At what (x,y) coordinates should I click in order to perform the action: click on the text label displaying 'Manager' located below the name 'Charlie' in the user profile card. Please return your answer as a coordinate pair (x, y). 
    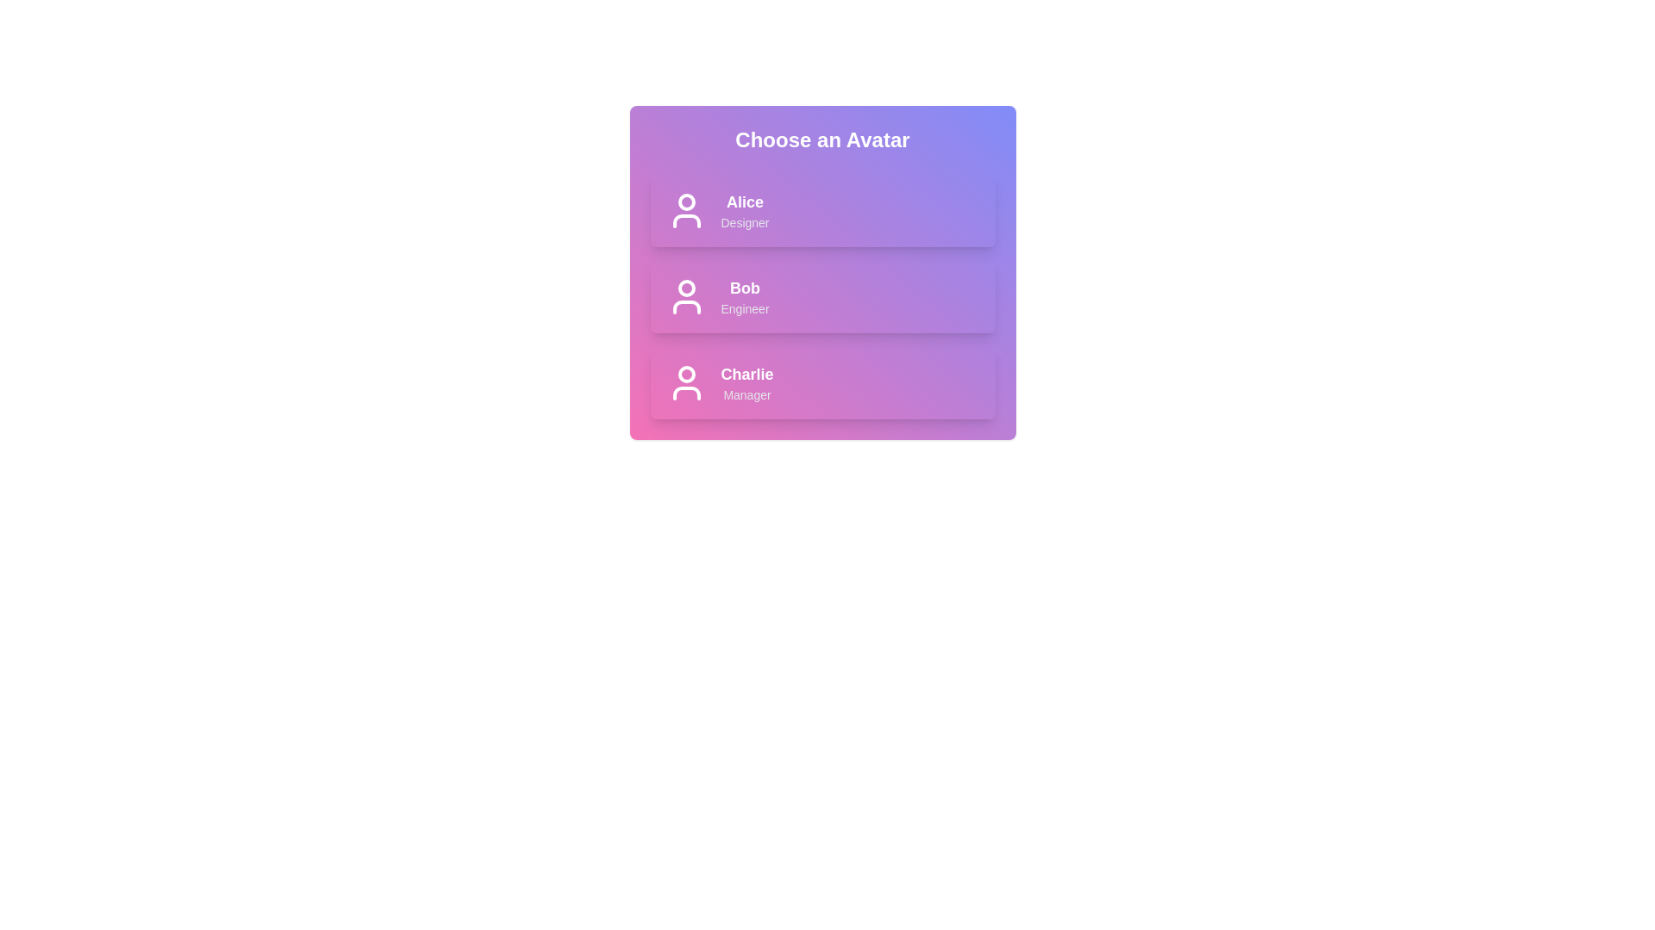
    Looking at the image, I should click on (747, 395).